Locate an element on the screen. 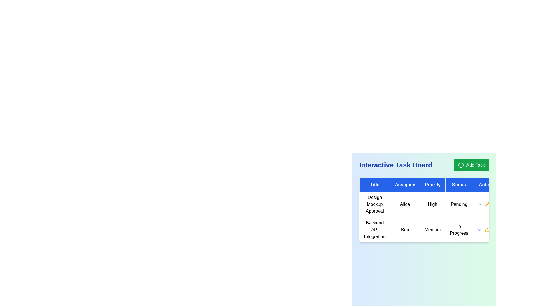 The height and width of the screenshot is (308, 548). the 'Pending' label in the 'Status' column of the task board table, which has a white background and is located under the task titled 'Design Mockup Approval' is located at coordinates (459, 204).